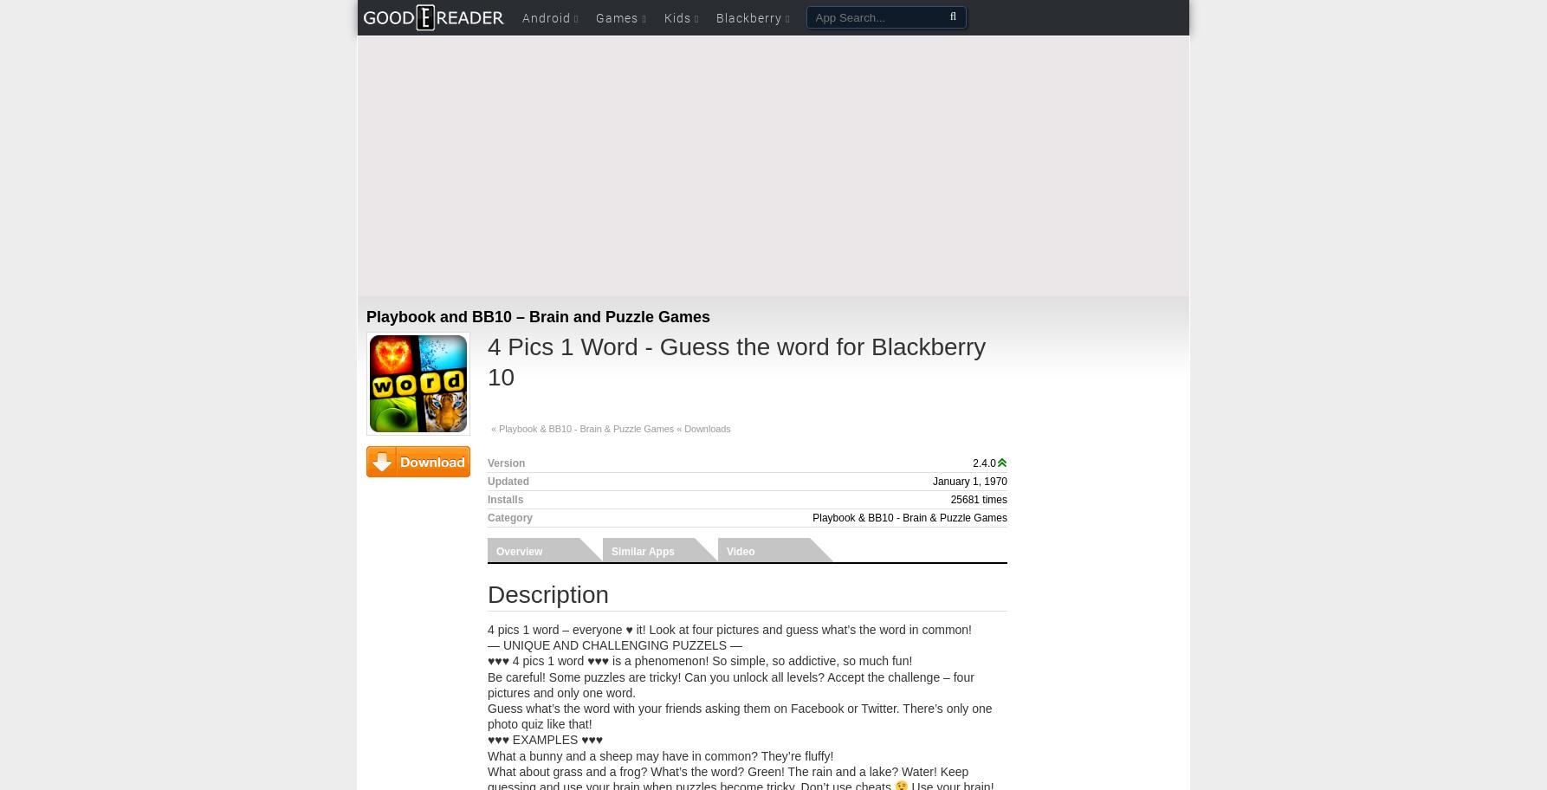 The image size is (1547, 790). What do you see at coordinates (735, 361) in the screenshot?
I see `'4 Pics 1 Word - Guess the word for Blackberry 10'` at bounding box center [735, 361].